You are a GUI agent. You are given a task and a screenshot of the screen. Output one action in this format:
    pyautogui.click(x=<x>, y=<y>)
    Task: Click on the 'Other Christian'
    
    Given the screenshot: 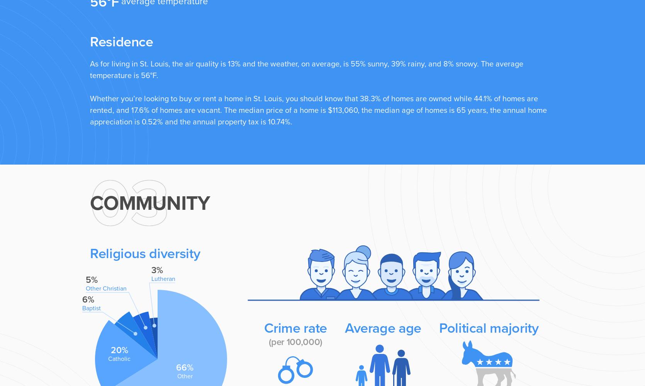 What is the action you would take?
    pyautogui.click(x=106, y=287)
    